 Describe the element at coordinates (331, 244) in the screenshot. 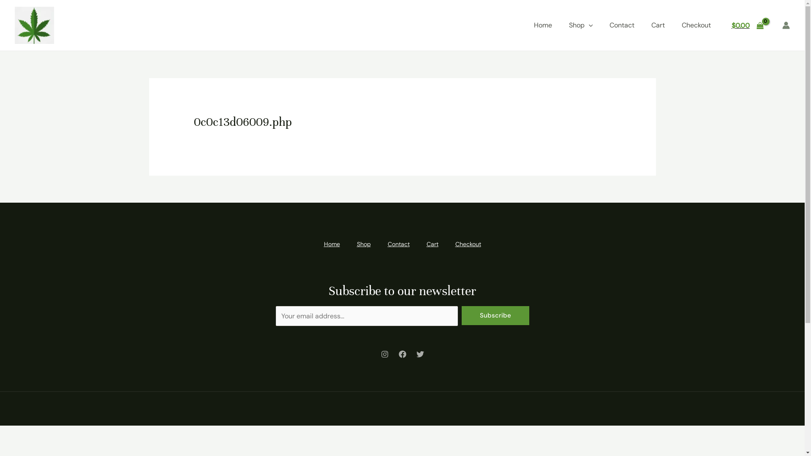

I see `'Home'` at that location.